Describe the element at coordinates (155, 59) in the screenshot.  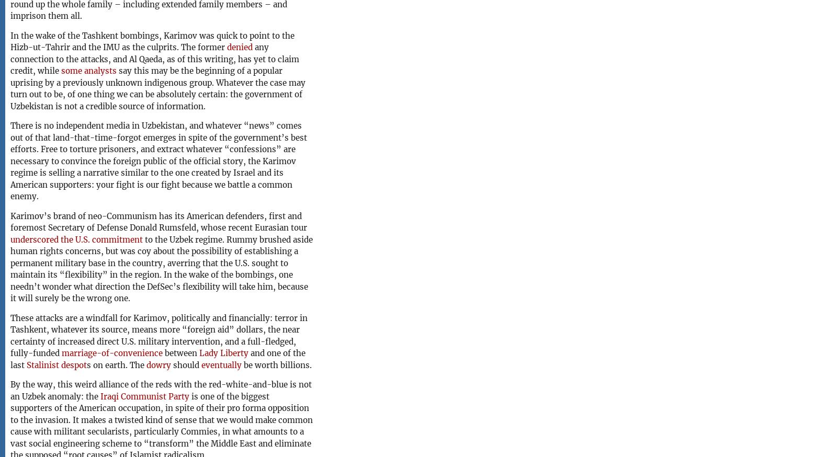
I see `'any connection to the attacks, and Al Qaeda, as of this writing, has yet to claim credit, while'` at that location.